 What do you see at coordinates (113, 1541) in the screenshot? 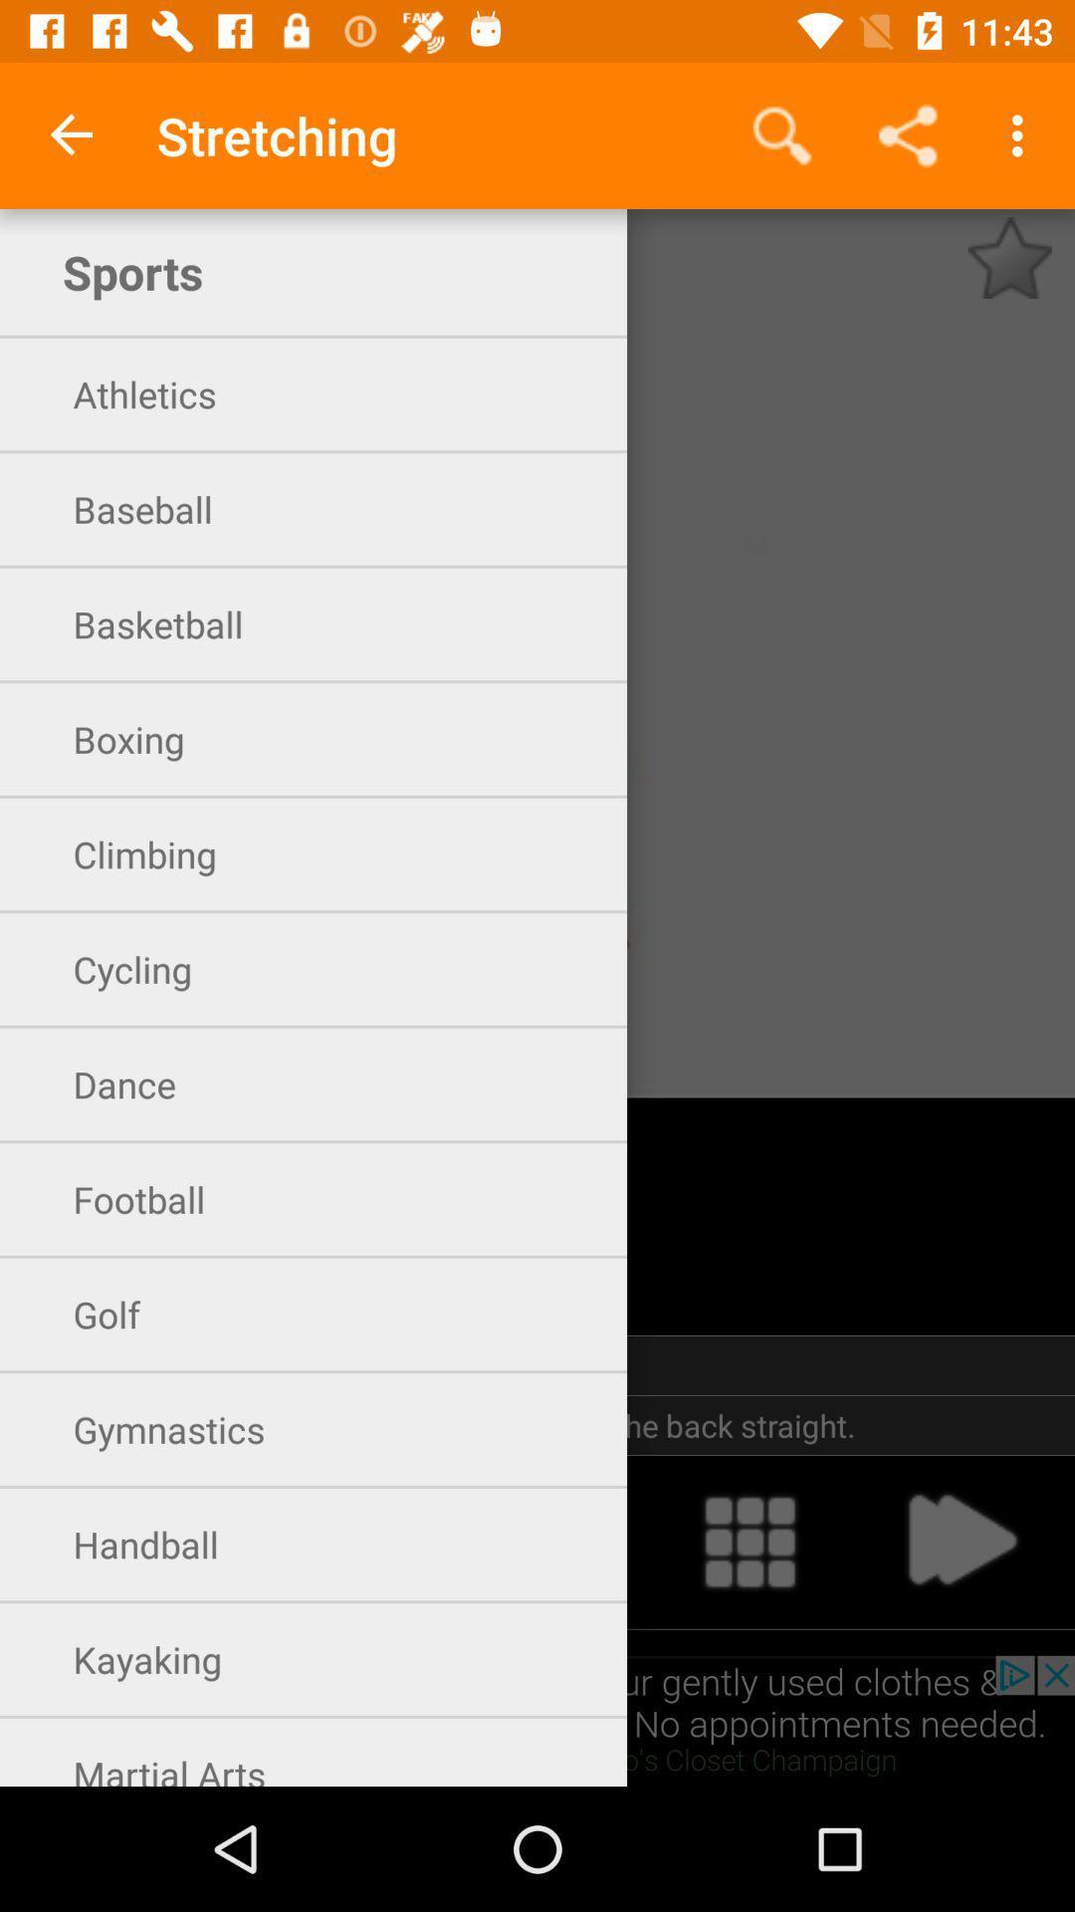
I see `handball` at bounding box center [113, 1541].